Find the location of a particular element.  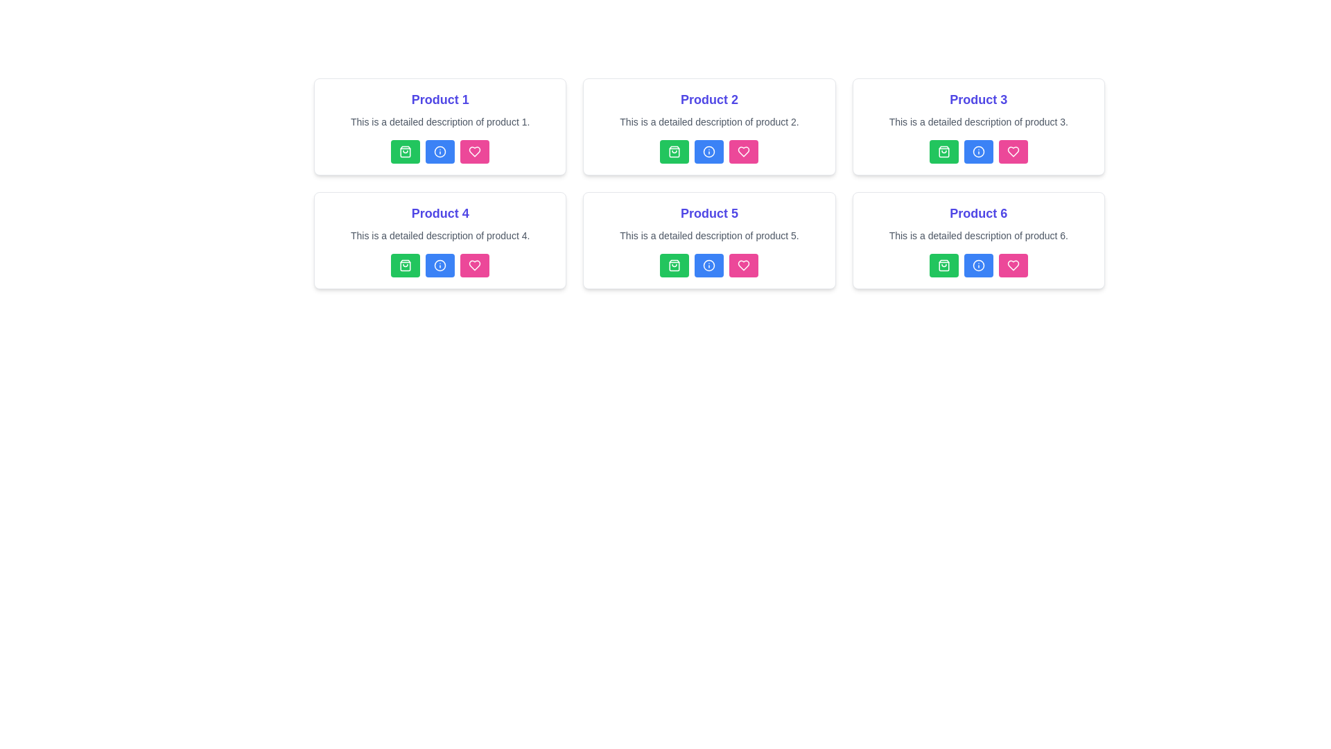

the informational button related to 'Product 6', which is the second button in a row of three buttons below the 'Product 6' card is located at coordinates (977, 265).